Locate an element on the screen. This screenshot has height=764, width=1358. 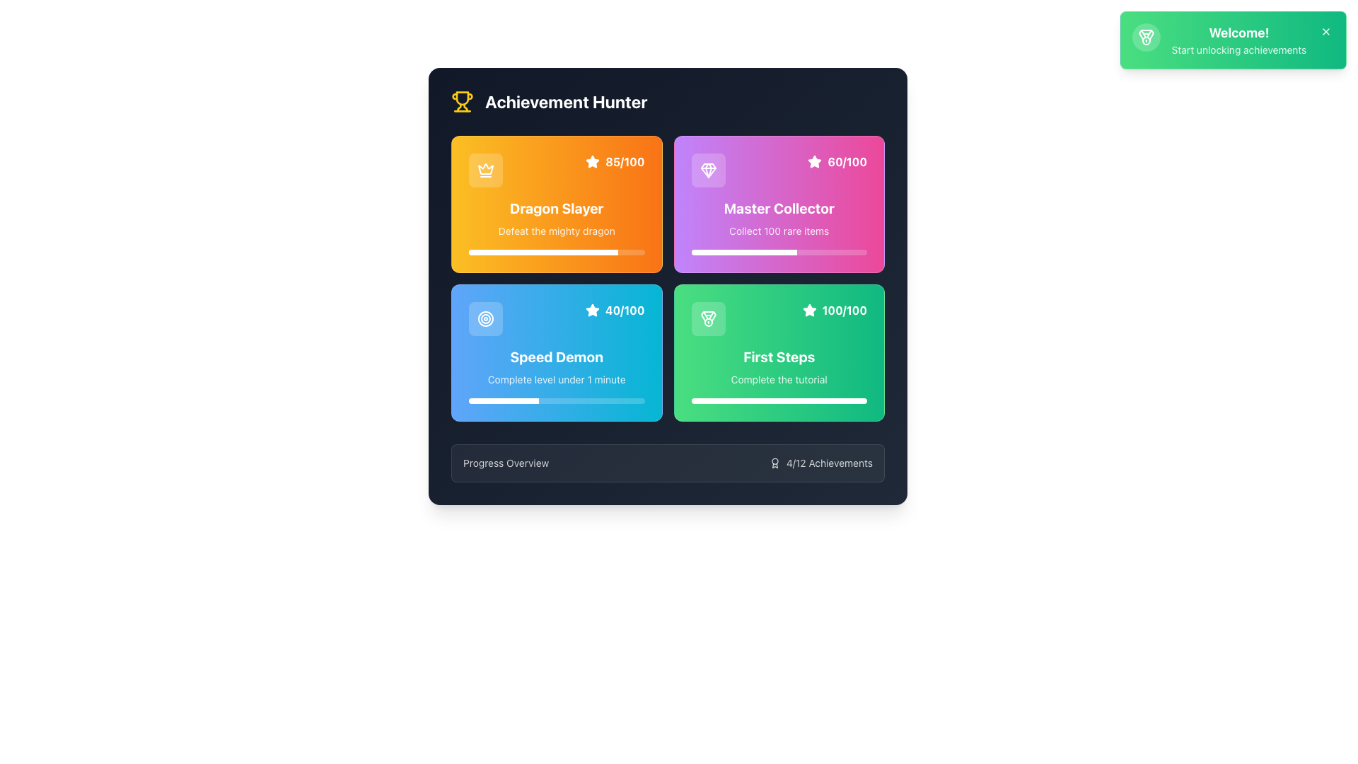
the largest SVG Circle element, which represents a target within the concentric circle pattern in the interface is located at coordinates (485, 319).